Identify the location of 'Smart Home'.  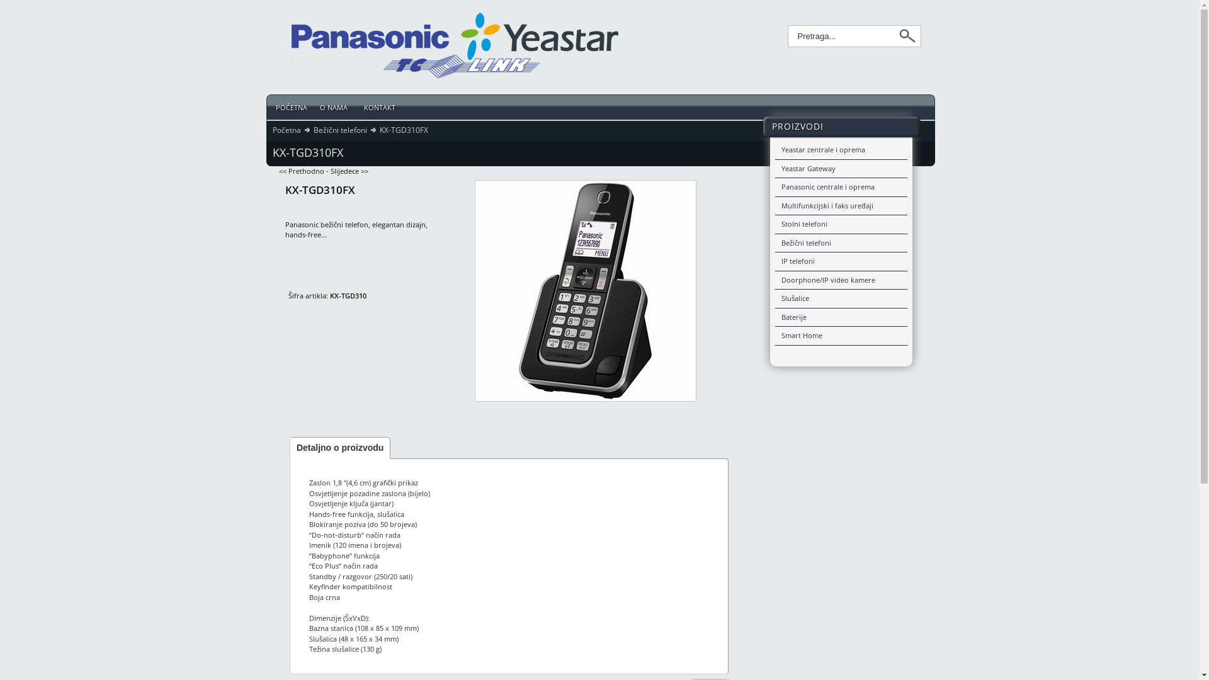
(840, 335).